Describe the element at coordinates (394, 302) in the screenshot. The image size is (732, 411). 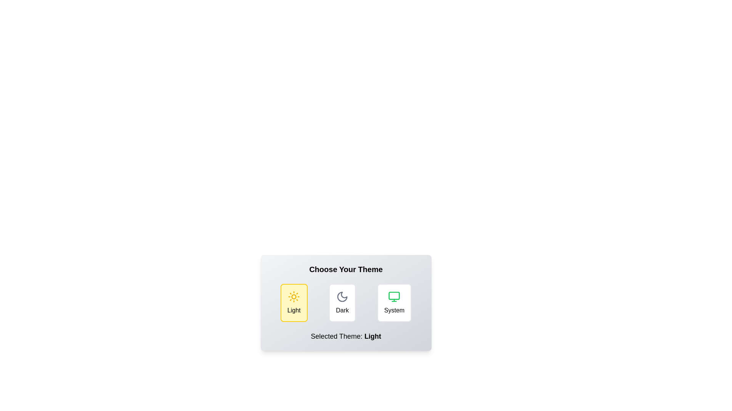
I see `the theme by clicking on the corresponding button for System` at that location.